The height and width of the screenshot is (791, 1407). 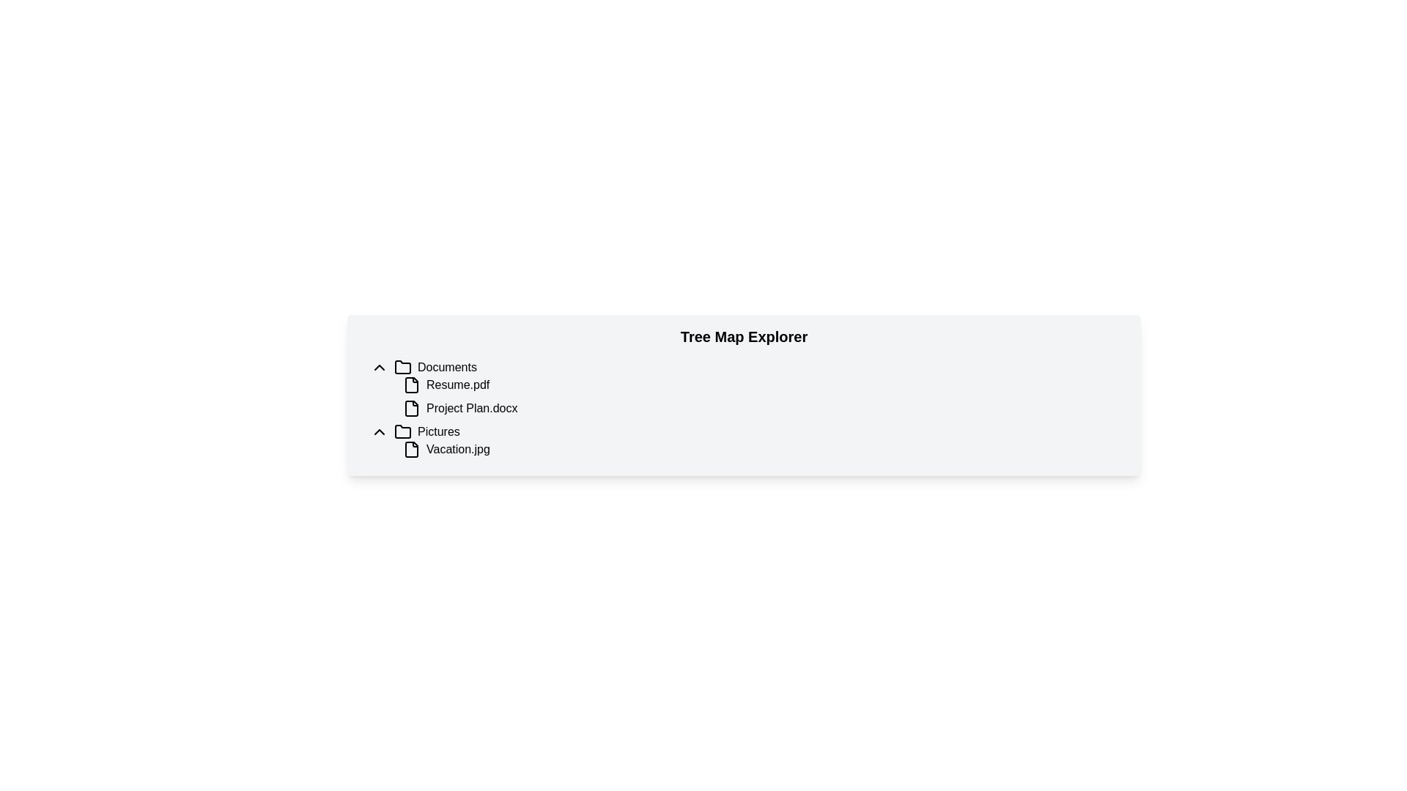 I want to click on the text label indicating the section or folder name labeled 'Documents', which is located in the same row as a folder icon and an arrow symbol, so click(x=446, y=366).